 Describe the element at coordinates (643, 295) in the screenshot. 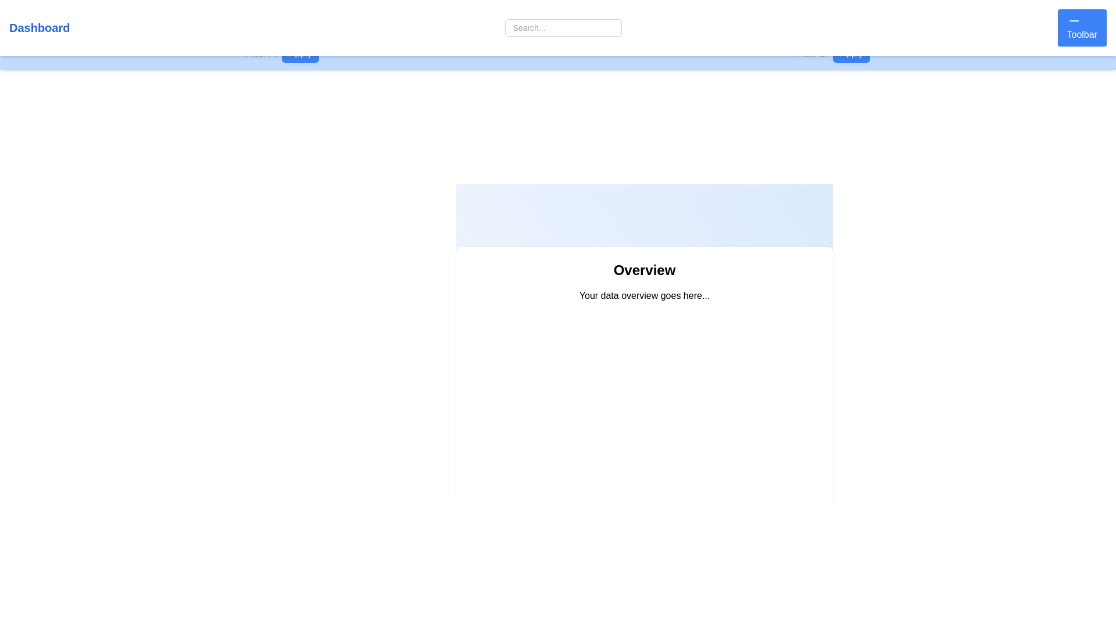

I see `the static text content positioned directly below the 'Overview' title, which serves as a placeholder or informational message` at that location.